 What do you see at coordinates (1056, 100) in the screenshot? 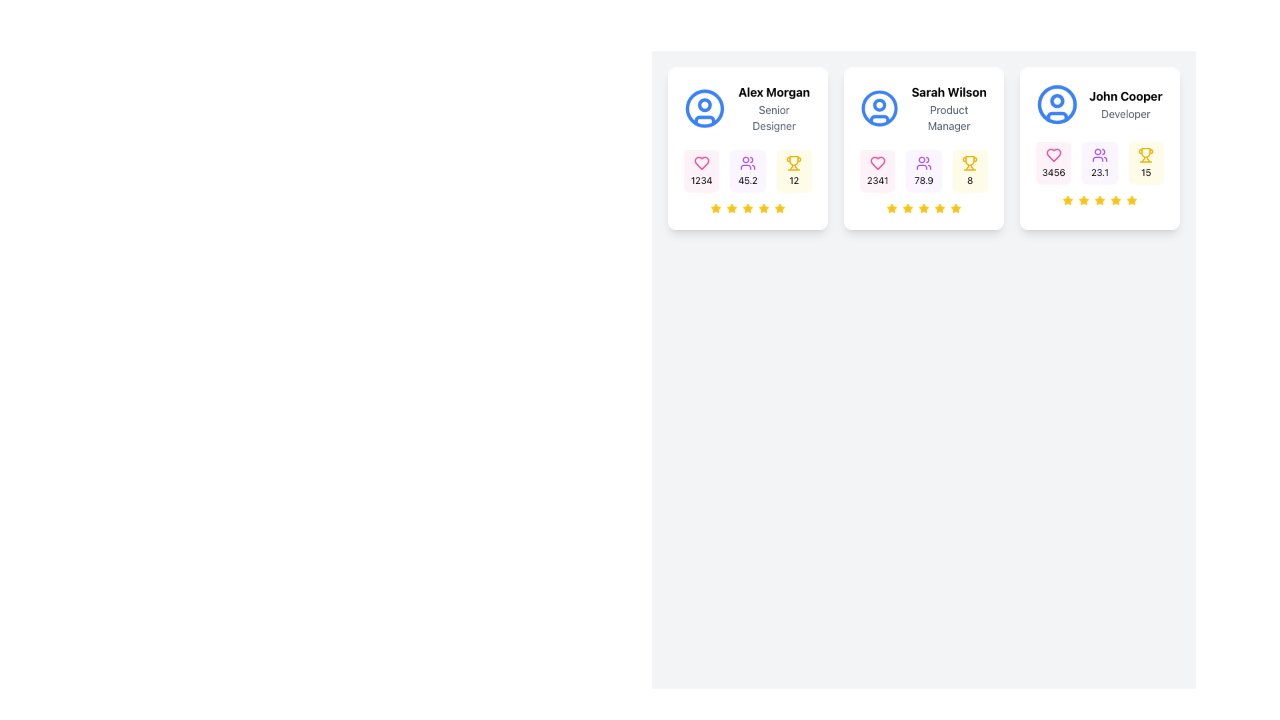
I see `the circular icon (SVG circle element) that is styled in 'currentColor' and positioned near the top of the larger circle within the card labeled 'John Cooper'` at bounding box center [1056, 100].